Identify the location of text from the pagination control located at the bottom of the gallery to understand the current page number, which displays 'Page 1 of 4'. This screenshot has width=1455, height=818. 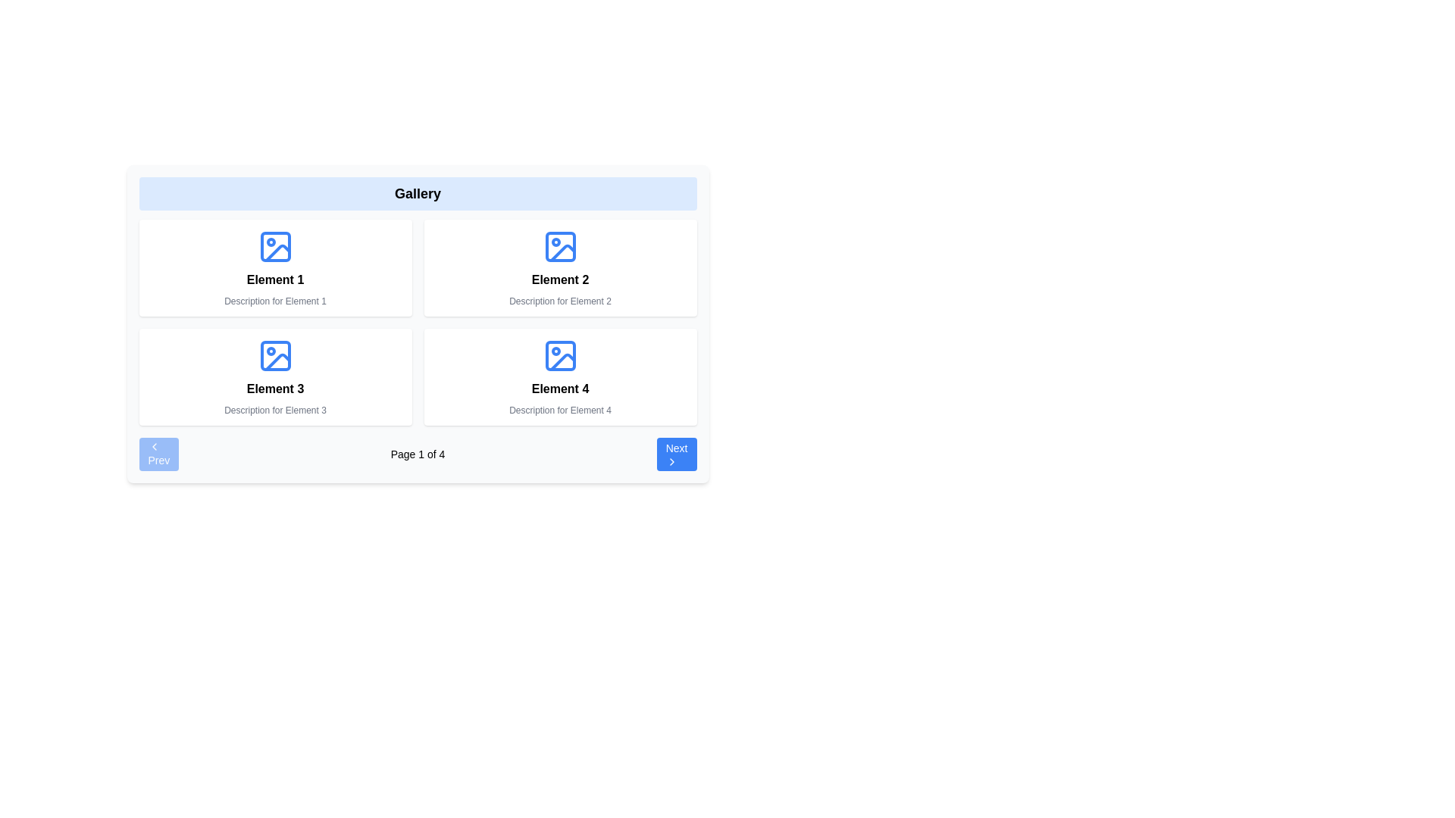
(418, 454).